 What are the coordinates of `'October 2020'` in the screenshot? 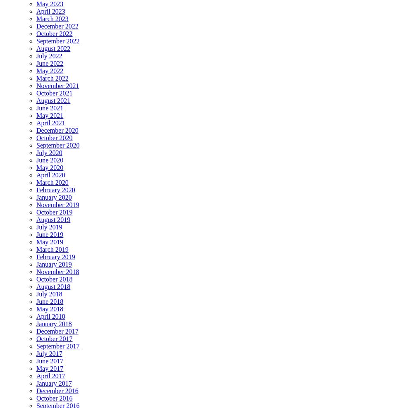 It's located at (54, 137).